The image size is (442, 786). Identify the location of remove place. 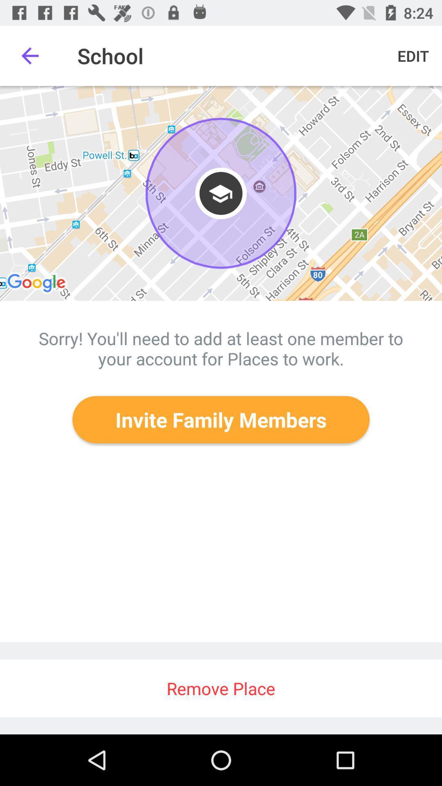
(221, 688).